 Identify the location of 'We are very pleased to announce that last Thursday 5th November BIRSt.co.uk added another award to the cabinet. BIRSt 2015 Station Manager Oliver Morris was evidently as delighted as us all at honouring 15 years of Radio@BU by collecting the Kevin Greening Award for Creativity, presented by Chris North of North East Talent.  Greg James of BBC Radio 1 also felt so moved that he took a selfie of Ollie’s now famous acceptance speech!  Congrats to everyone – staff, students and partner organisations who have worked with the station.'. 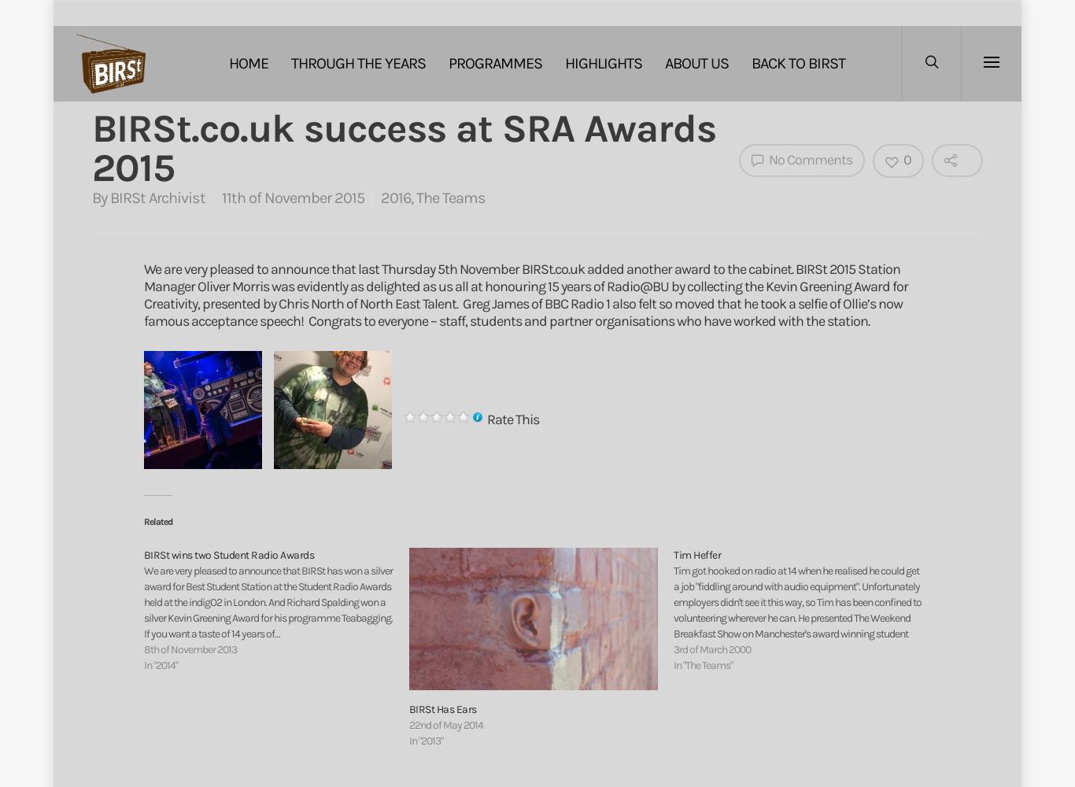
(524, 295).